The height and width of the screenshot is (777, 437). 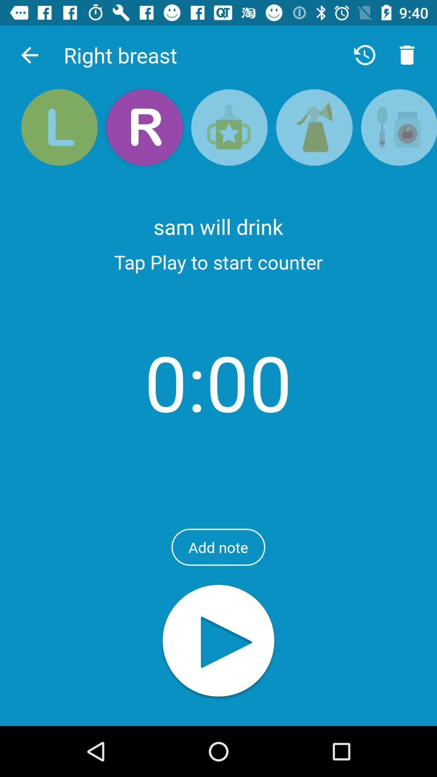 I want to click on the audio, so click(x=218, y=641).